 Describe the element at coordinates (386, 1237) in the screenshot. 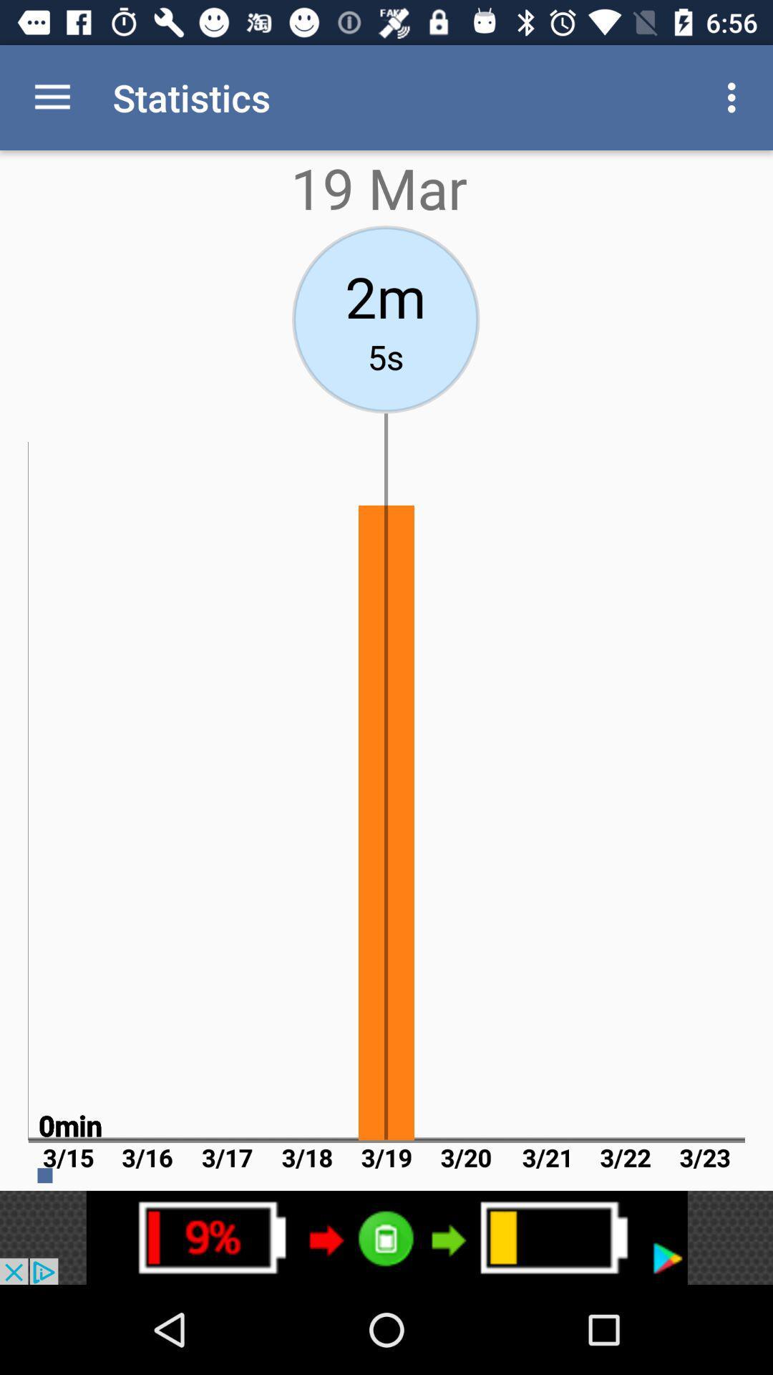

I see `advertisement` at that location.